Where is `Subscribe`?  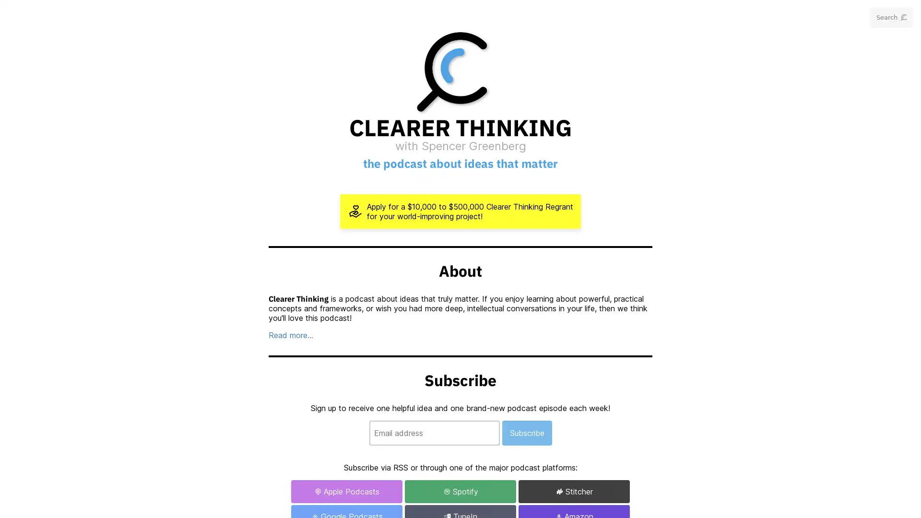
Subscribe is located at coordinates (526, 433).